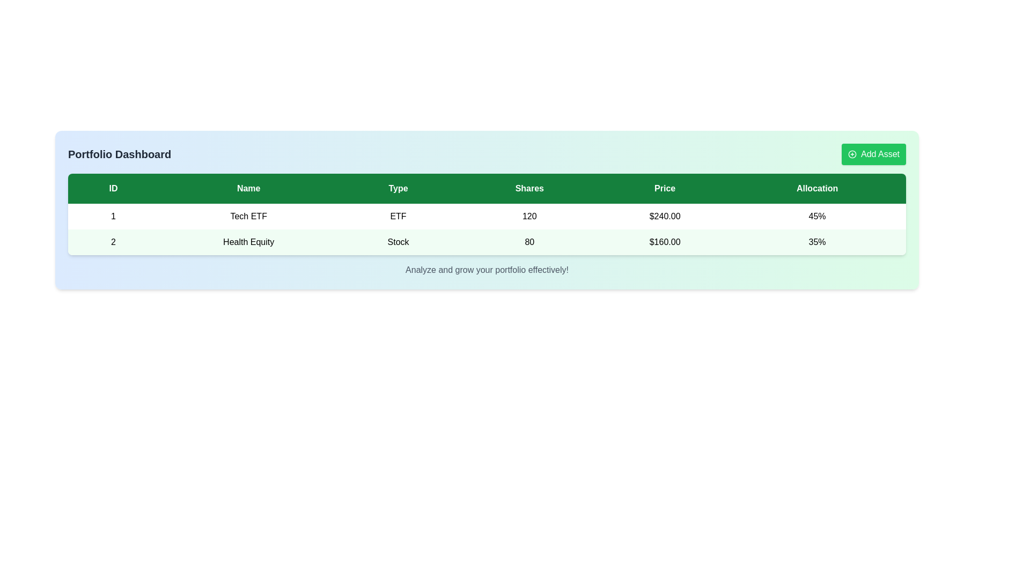 This screenshot has height=579, width=1030. Describe the element at coordinates (248, 242) in the screenshot. I see `the static text label that identifies the name of the asset` at that location.